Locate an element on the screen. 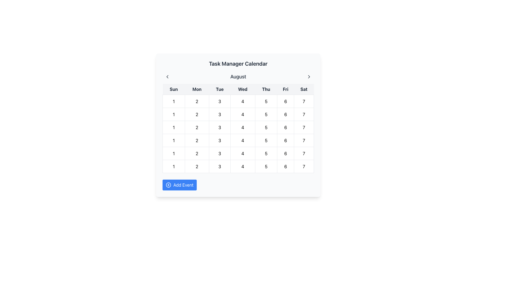 Image resolution: width=521 pixels, height=293 pixels. the Text Display Box containing the number '2', which is part of the calendar grid for Monday is located at coordinates (196, 101).